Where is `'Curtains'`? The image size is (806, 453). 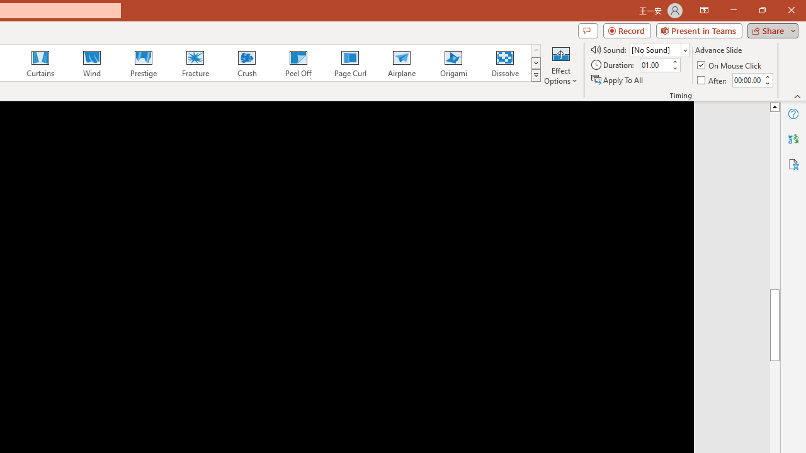 'Curtains' is located at coordinates (40, 63).